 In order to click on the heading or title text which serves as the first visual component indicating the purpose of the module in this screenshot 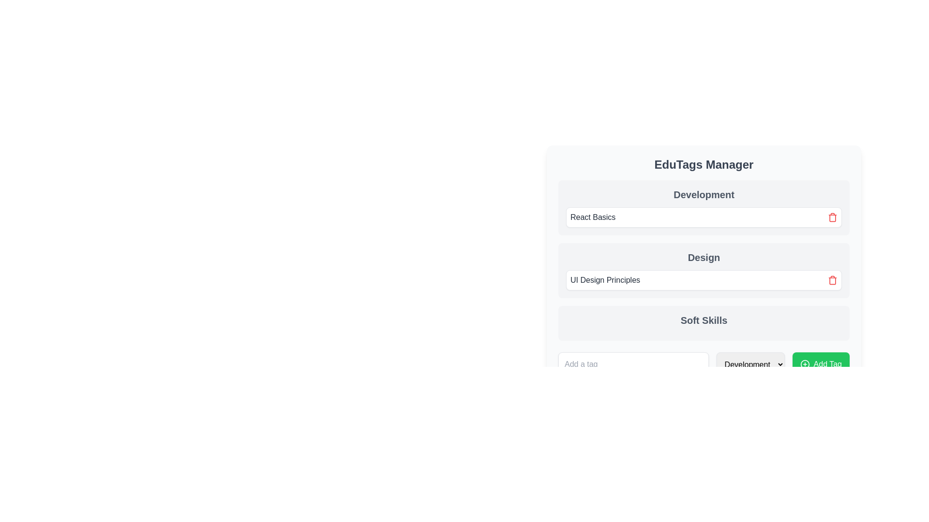, I will do `click(704, 164)`.